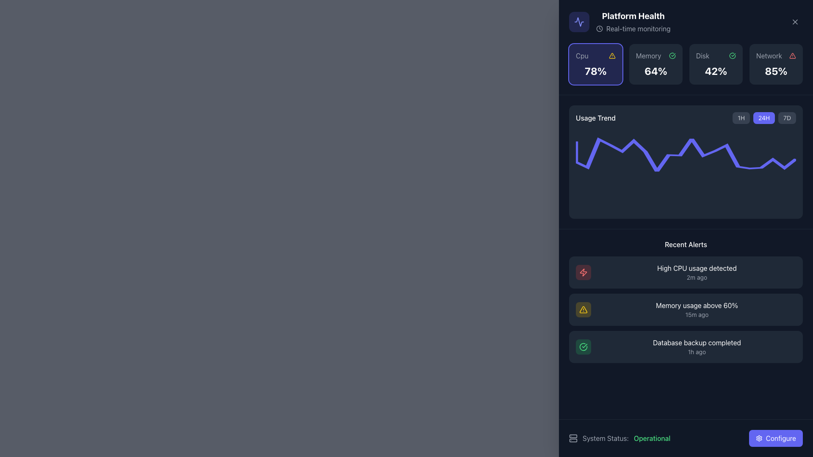 The image size is (813, 457). I want to click on value displayed in the 'Network' Text Display, located below the 'Network' label and near the warning icon in the upper right of the card, so click(776, 71).